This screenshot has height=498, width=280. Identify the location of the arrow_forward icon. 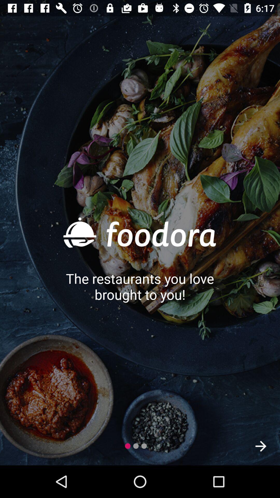
(261, 446).